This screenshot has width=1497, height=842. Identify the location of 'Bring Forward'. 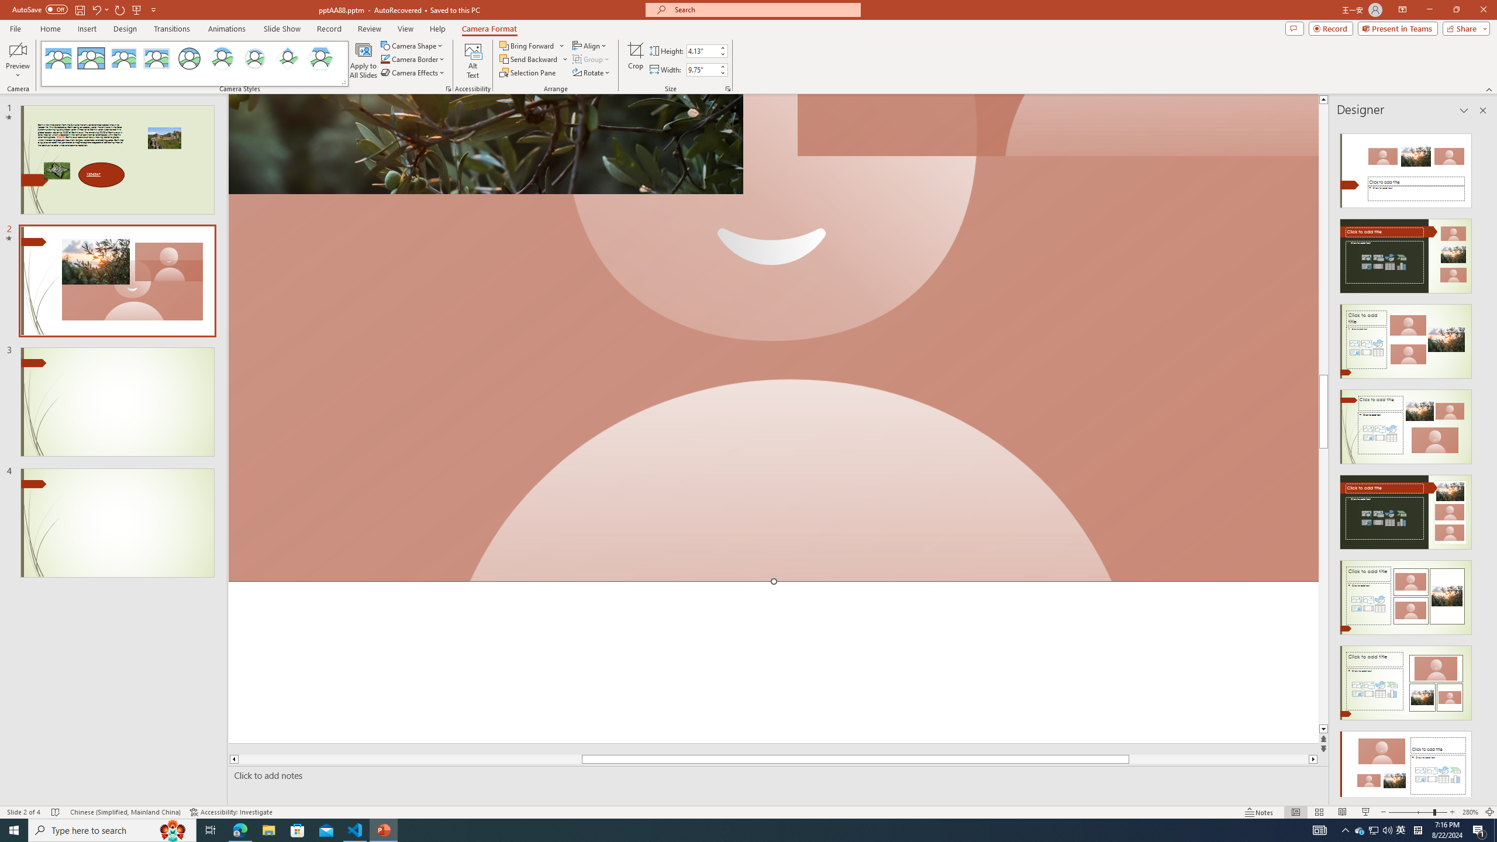
(527, 45).